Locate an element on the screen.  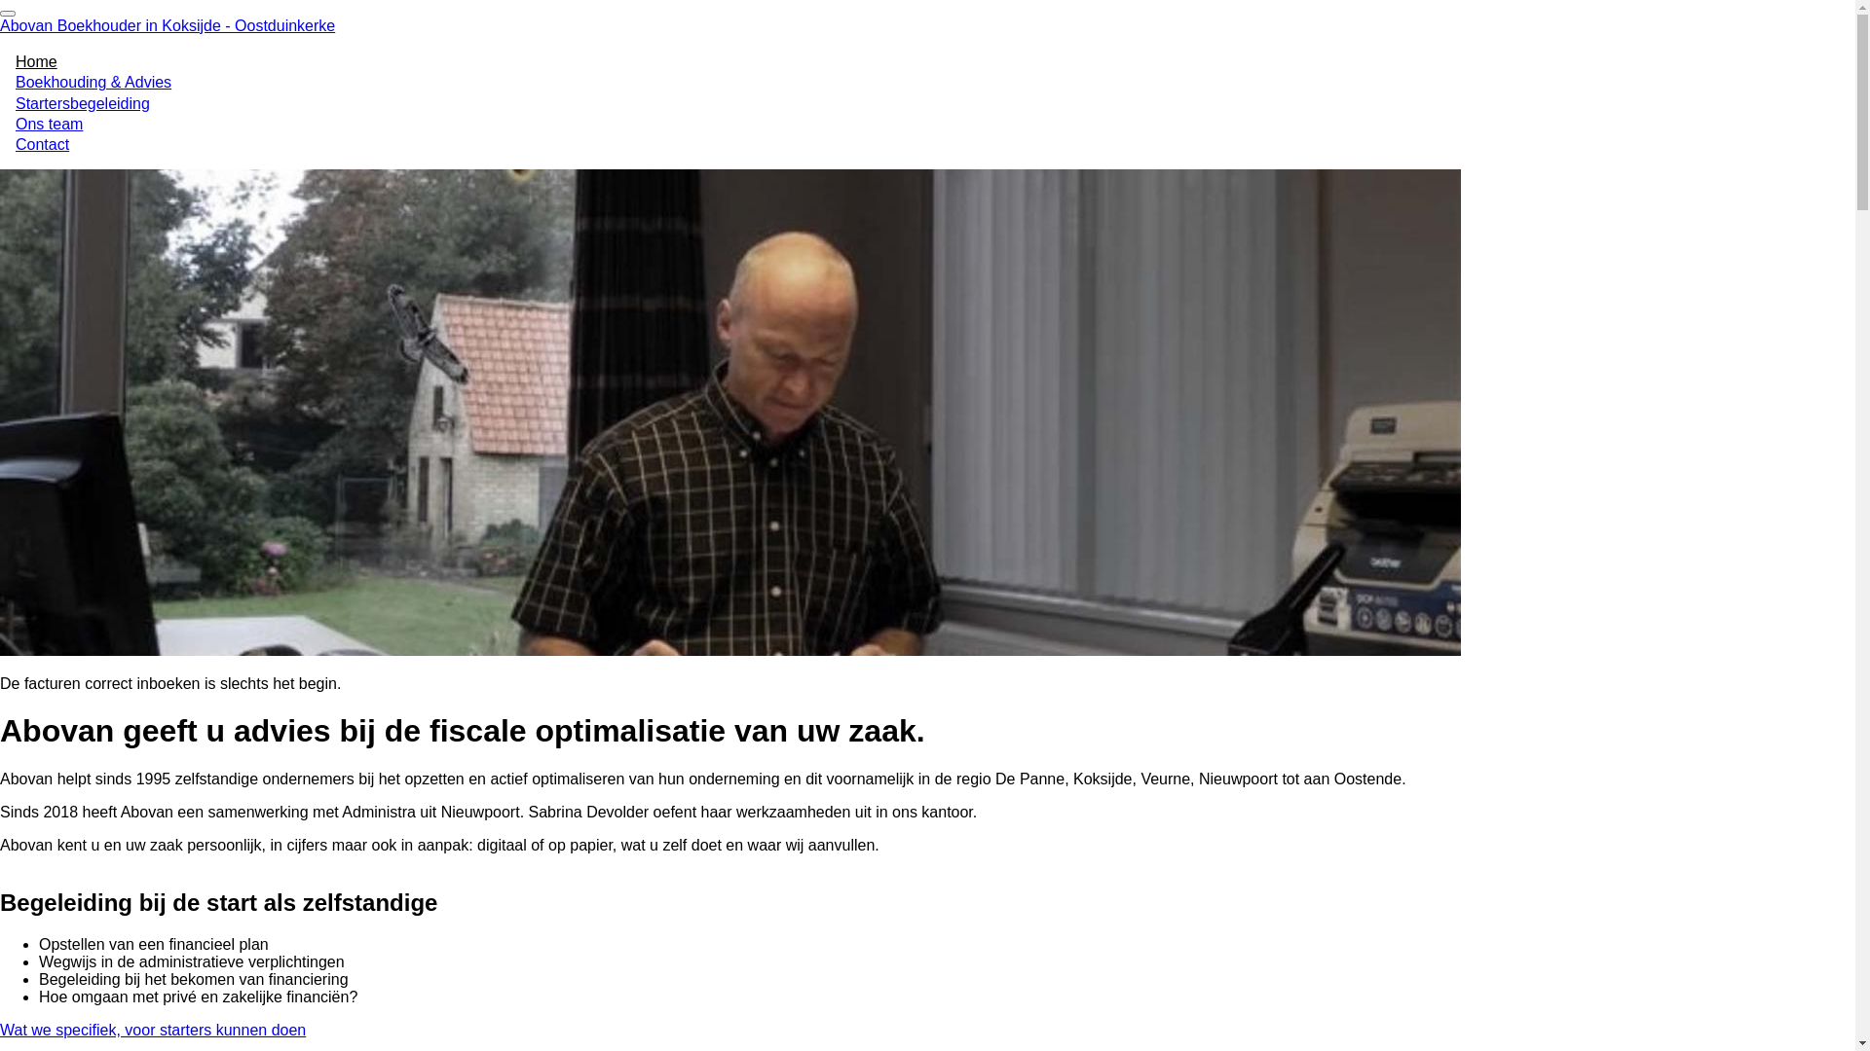
'Wat we specifiek, voor starters kunnen doen' is located at coordinates (152, 1029).